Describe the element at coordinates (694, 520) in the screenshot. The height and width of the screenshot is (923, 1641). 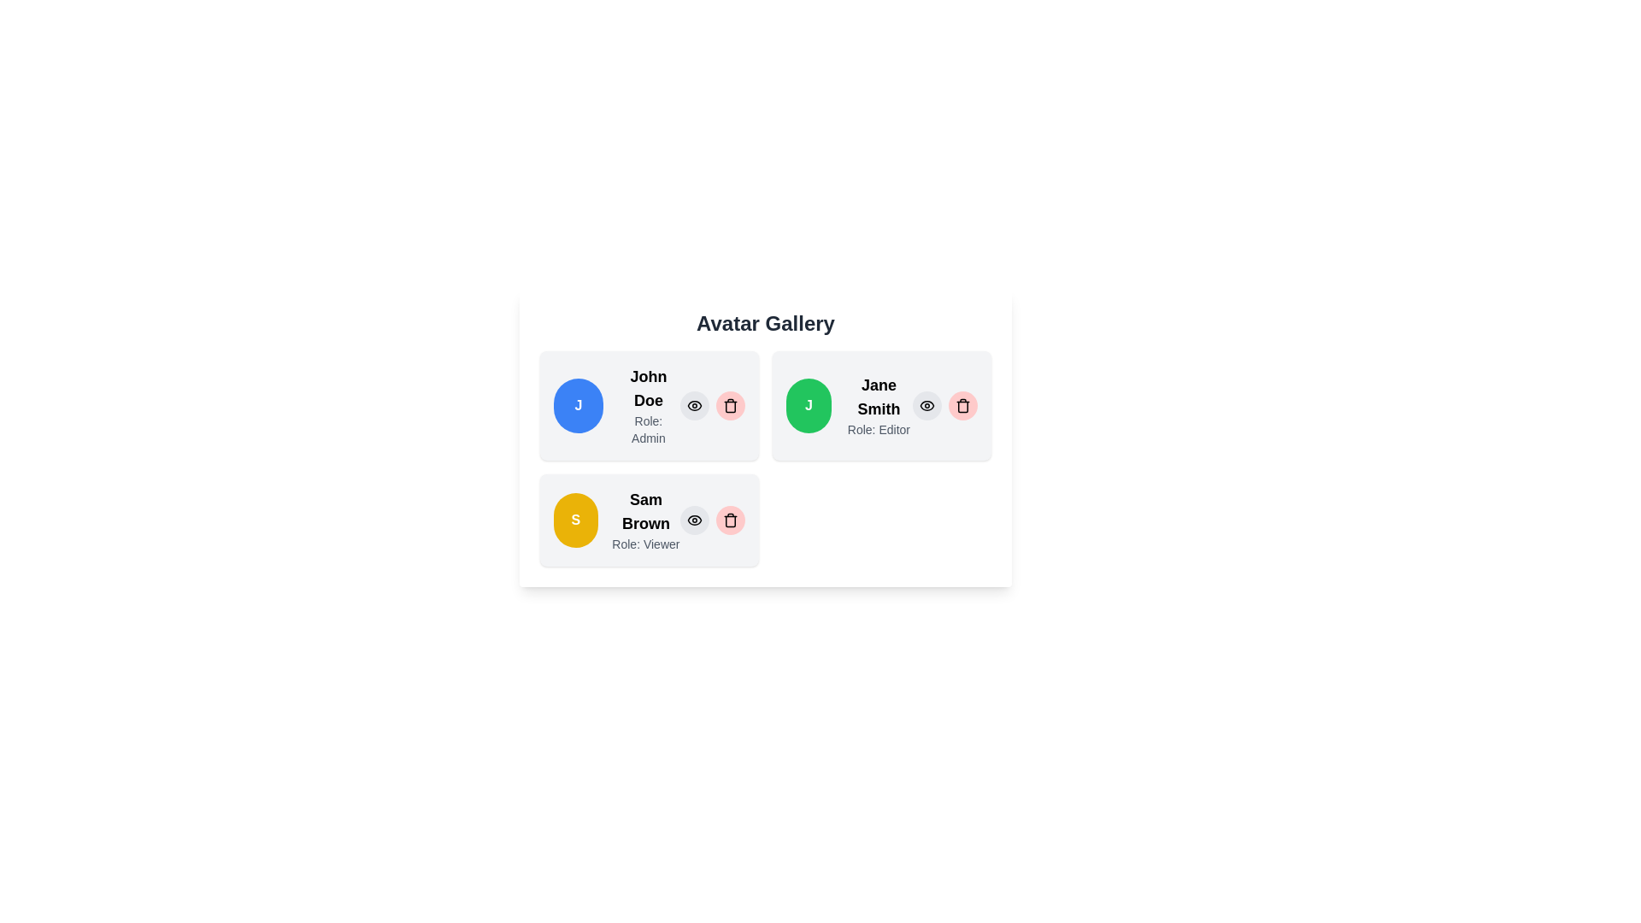
I see `the eye icon located inside the circular button to the right of 'Sam Brown' under the 'Role: Viewer' text in the third card of the layout` at that location.